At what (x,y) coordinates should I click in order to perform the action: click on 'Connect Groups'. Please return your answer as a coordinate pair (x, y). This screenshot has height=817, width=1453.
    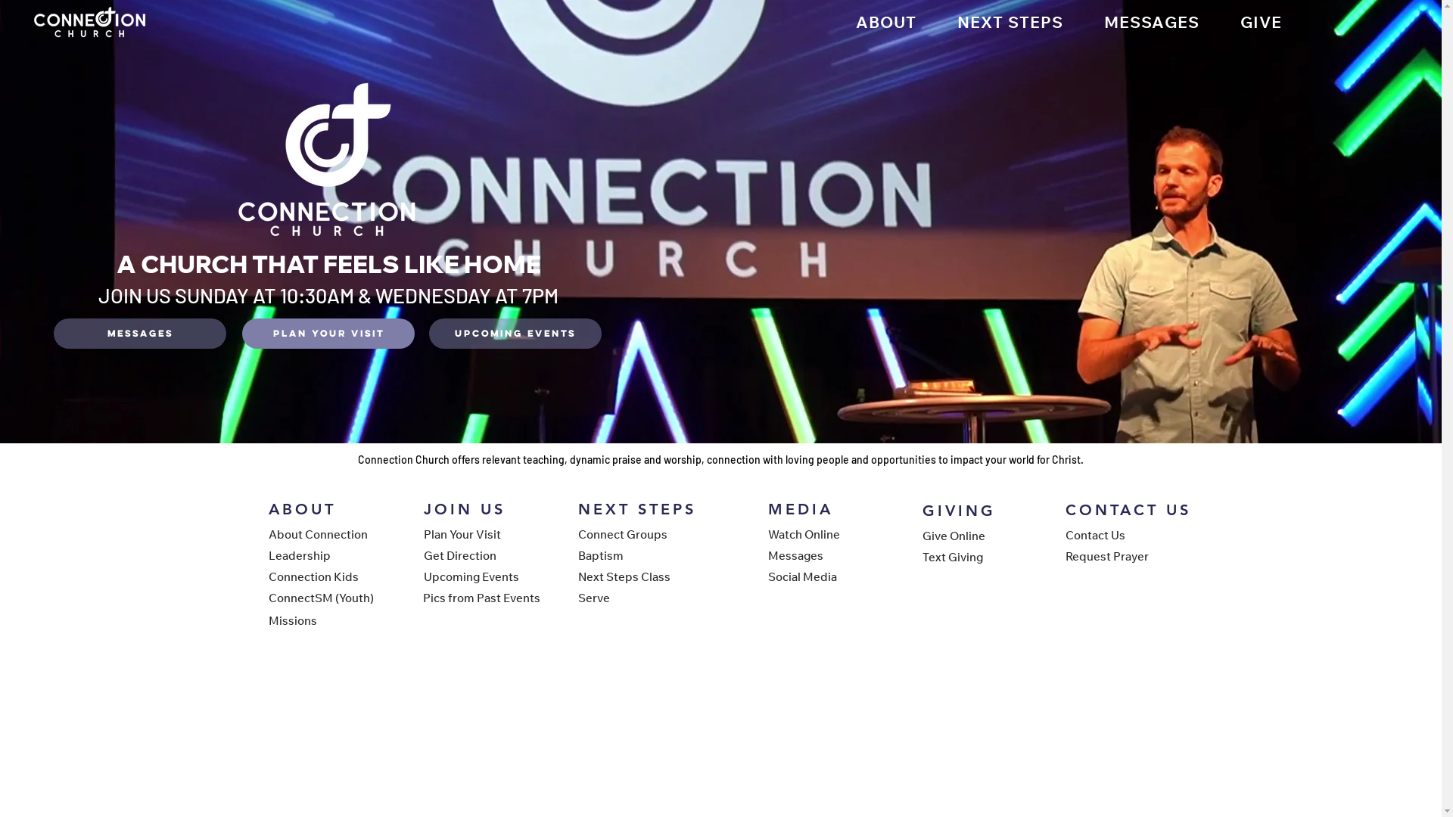
    Looking at the image, I should click on (632, 533).